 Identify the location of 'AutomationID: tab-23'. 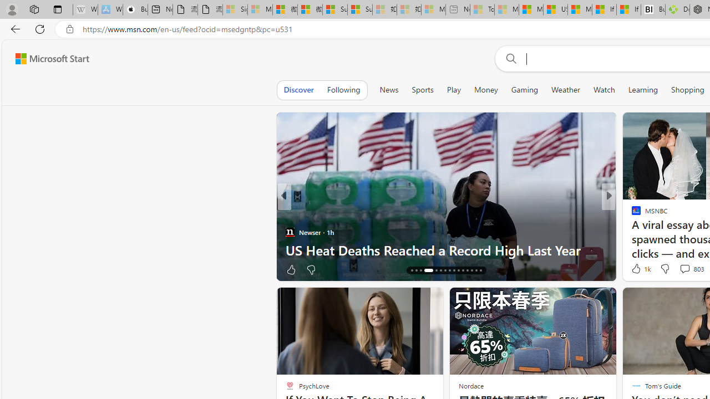
(449, 270).